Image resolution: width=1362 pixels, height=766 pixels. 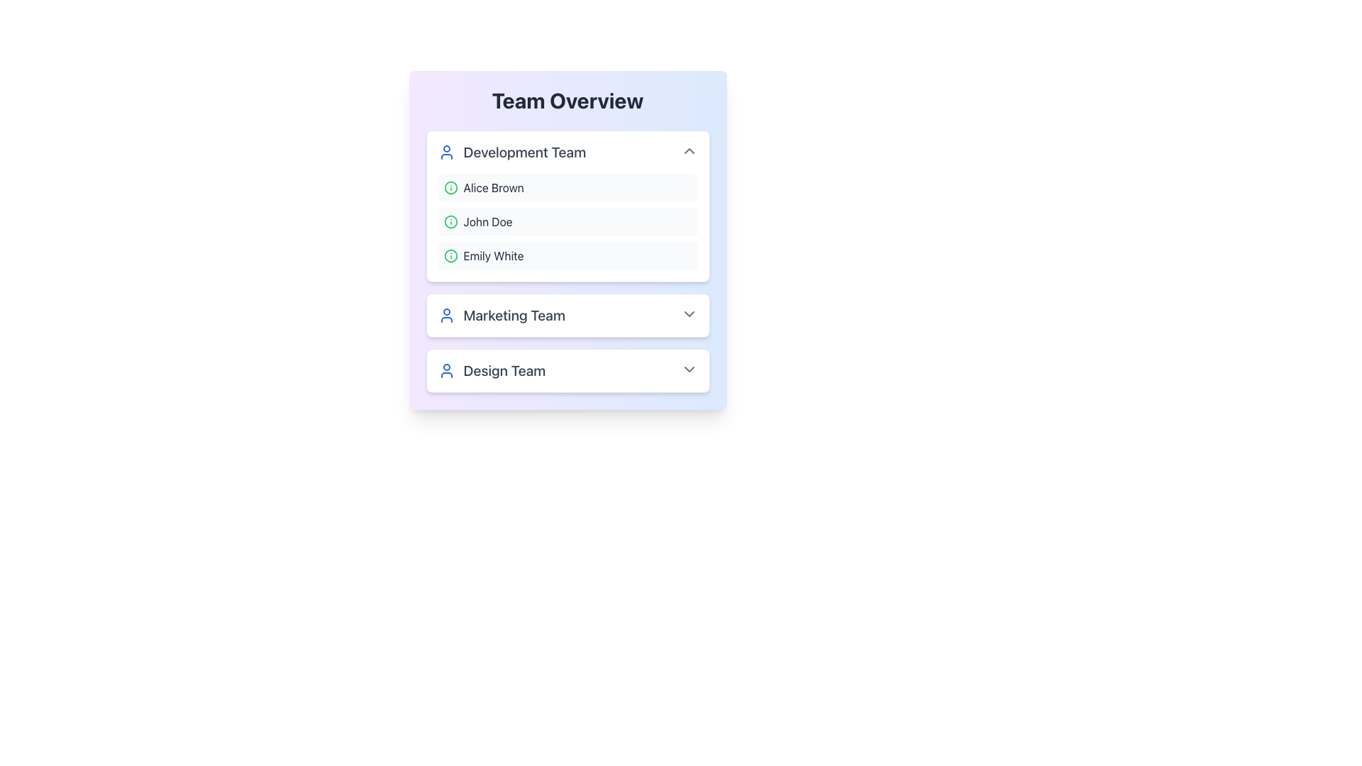 What do you see at coordinates (450, 221) in the screenshot?
I see `the circular status indicator with a green border next to 'John Doe'` at bounding box center [450, 221].